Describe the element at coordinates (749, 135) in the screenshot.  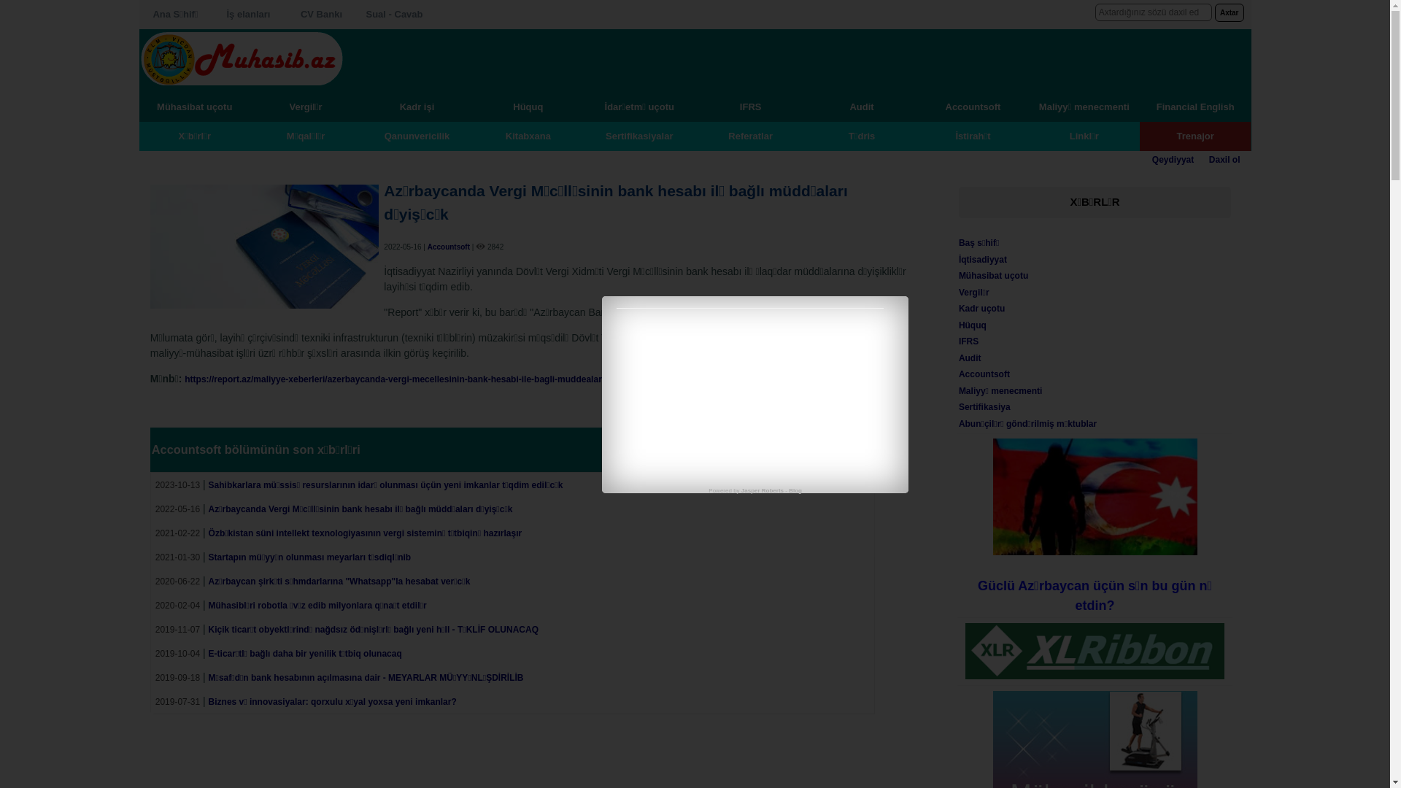
I see `'Referatlar'` at that location.